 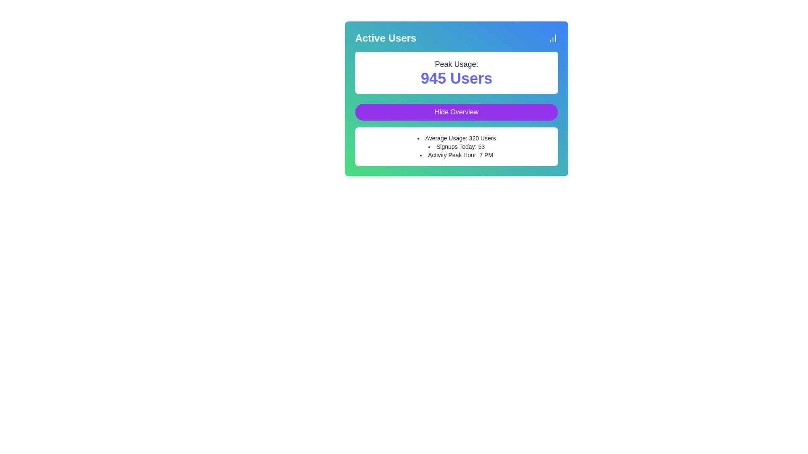 What do you see at coordinates (456, 137) in the screenshot?
I see `the bullet point text displaying 'Average Usage: 320 Users' to engage with surrounding elements` at bounding box center [456, 137].